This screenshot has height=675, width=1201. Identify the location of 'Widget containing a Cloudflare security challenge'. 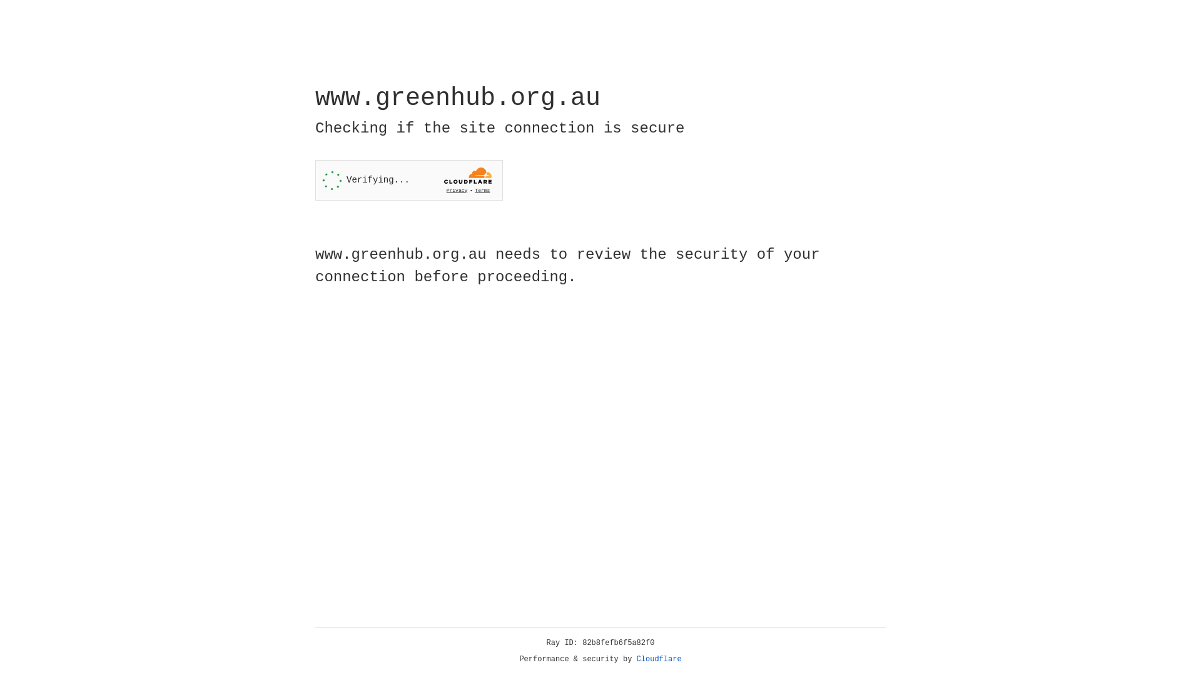
(408, 180).